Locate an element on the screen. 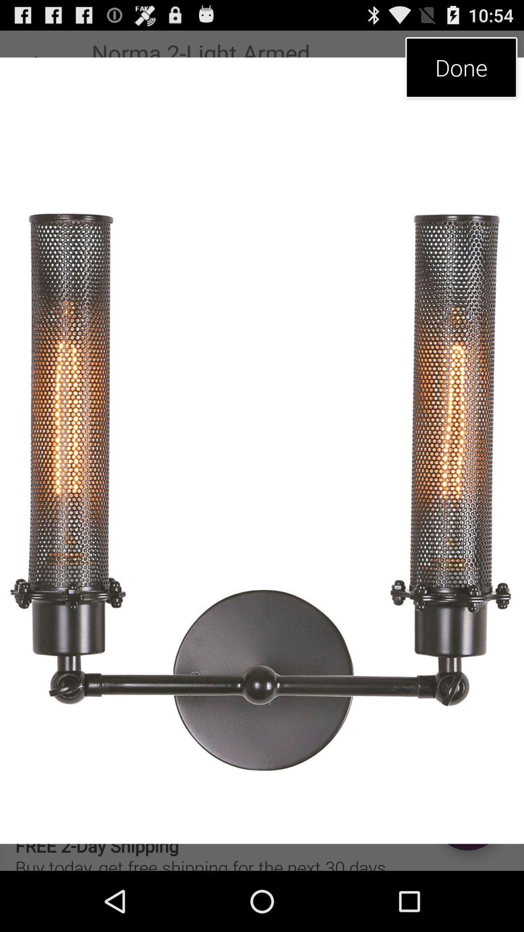  the done icon is located at coordinates (461, 67).